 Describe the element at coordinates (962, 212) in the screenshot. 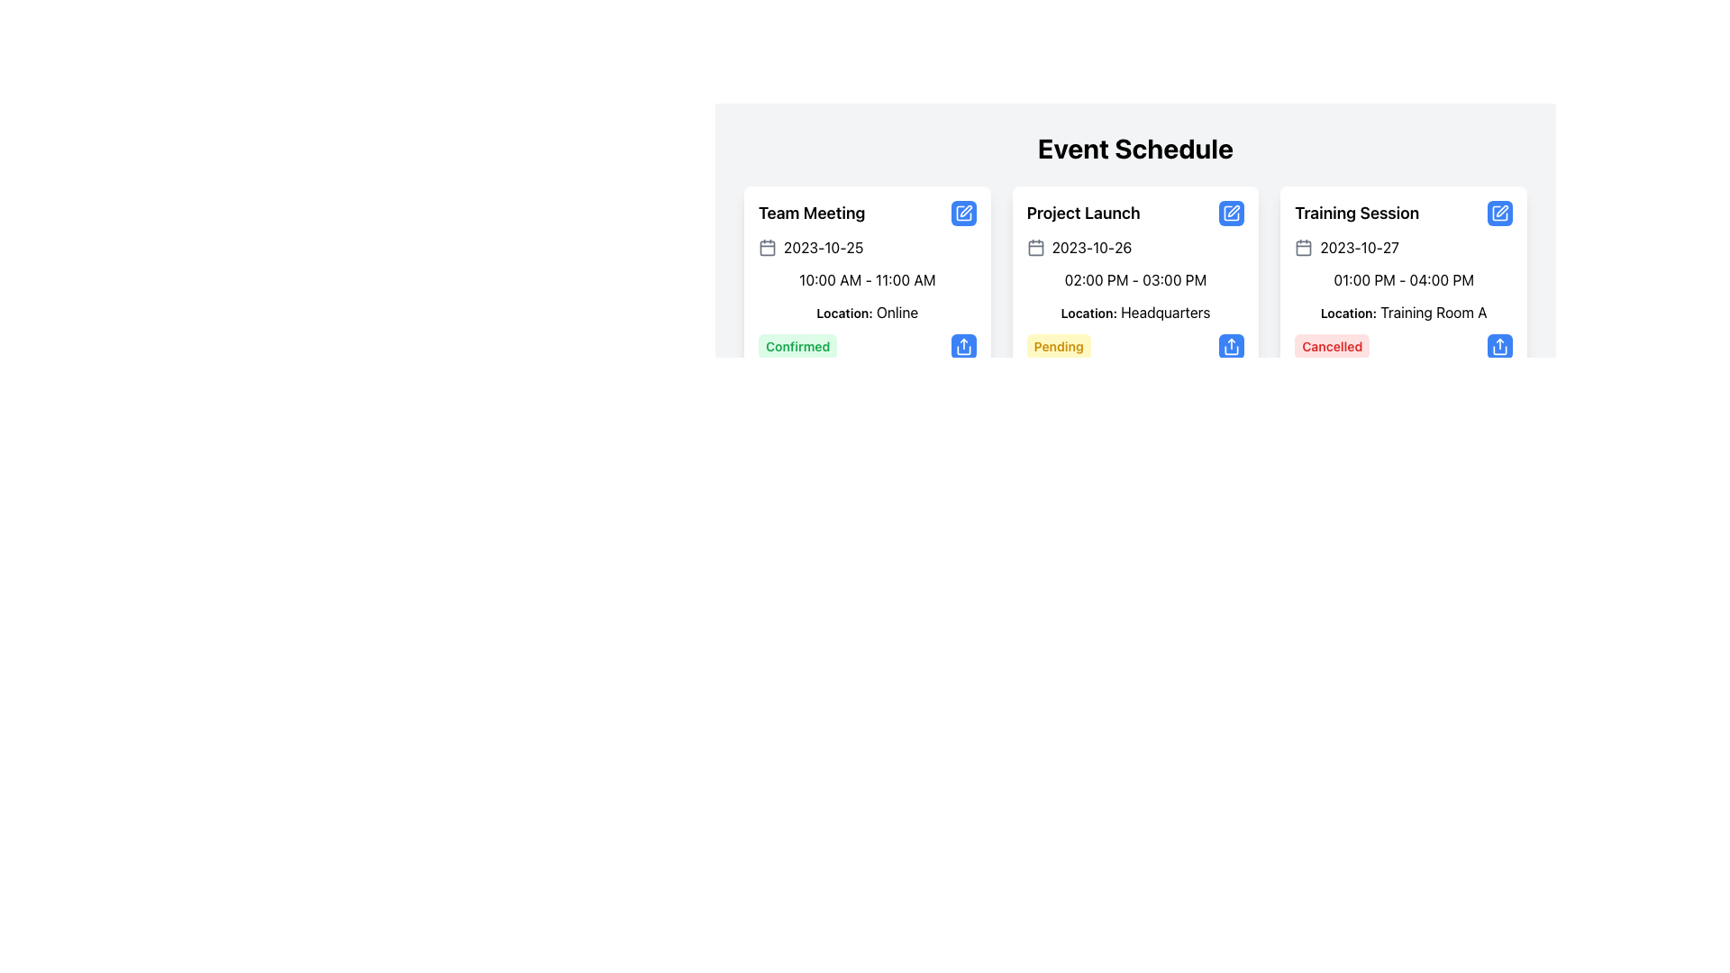

I see `the edit button located in the top-right corner of the 'Team Meeting' section to initiate editing` at that location.